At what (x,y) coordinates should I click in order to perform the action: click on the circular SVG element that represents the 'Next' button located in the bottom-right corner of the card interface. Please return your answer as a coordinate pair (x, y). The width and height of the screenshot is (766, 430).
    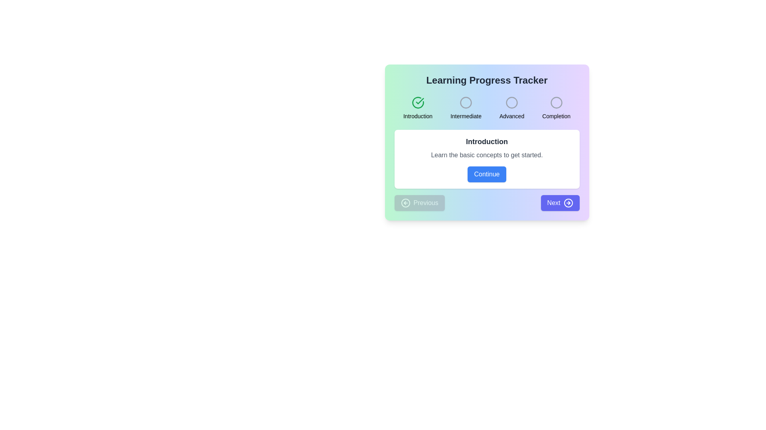
    Looking at the image, I should click on (568, 202).